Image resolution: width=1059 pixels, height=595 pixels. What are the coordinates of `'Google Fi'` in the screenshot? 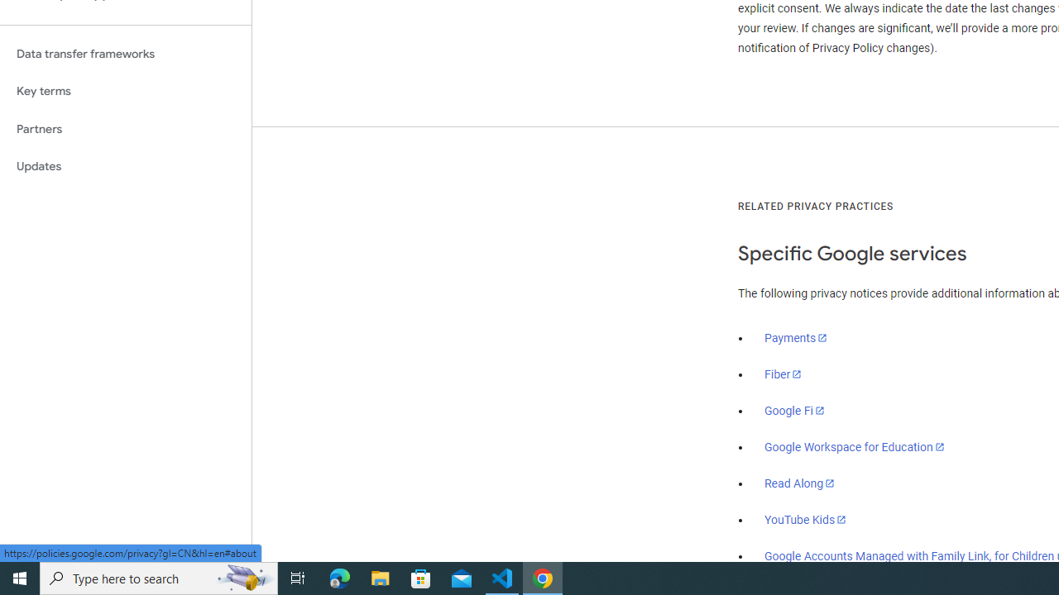 It's located at (794, 410).